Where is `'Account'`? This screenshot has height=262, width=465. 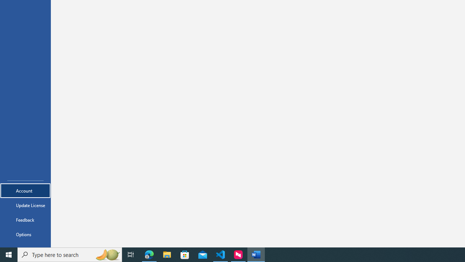
'Account' is located at coordinates (25, 190).